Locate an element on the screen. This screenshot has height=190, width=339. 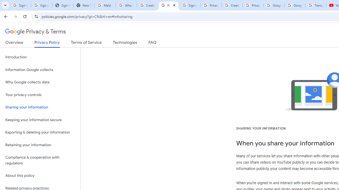
'Google Account' is located at coordinates (295, 5).